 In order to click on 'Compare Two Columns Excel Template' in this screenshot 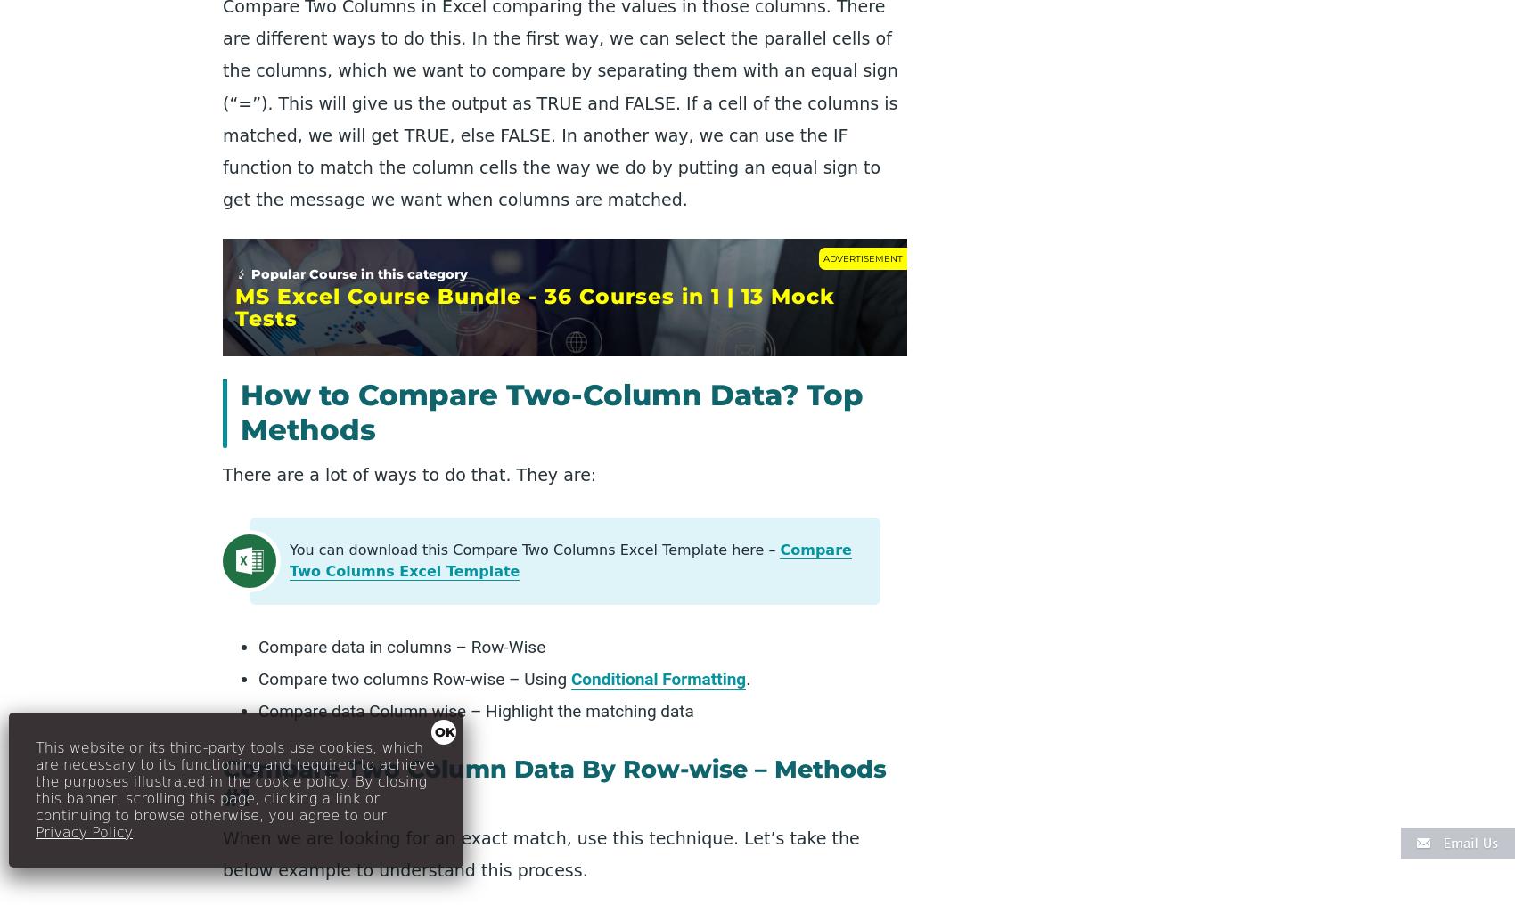, I will do `click(570, 559)`.